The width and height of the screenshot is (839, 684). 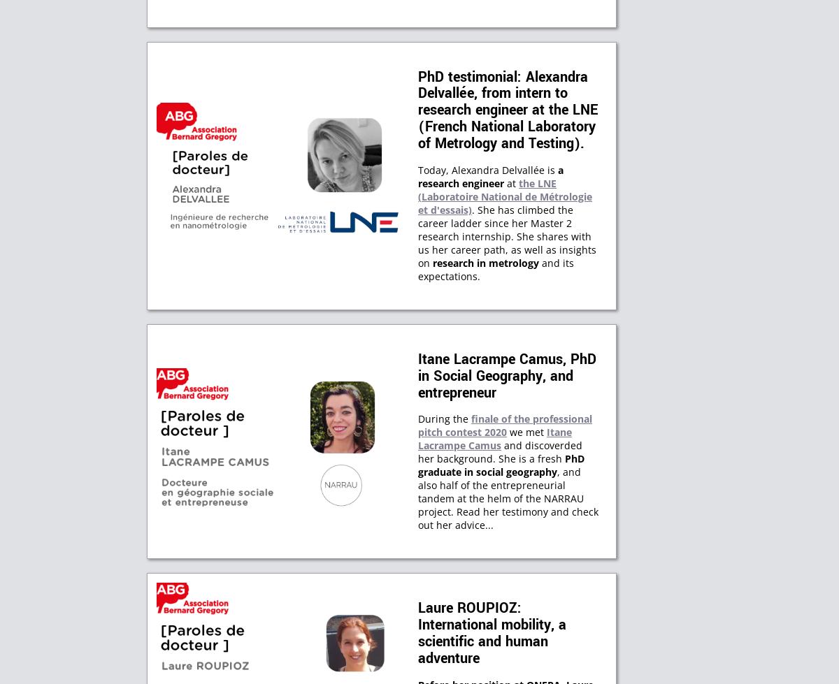 I want to click on 'Itane Lacrampe Camus', so click(x=495, y=438).